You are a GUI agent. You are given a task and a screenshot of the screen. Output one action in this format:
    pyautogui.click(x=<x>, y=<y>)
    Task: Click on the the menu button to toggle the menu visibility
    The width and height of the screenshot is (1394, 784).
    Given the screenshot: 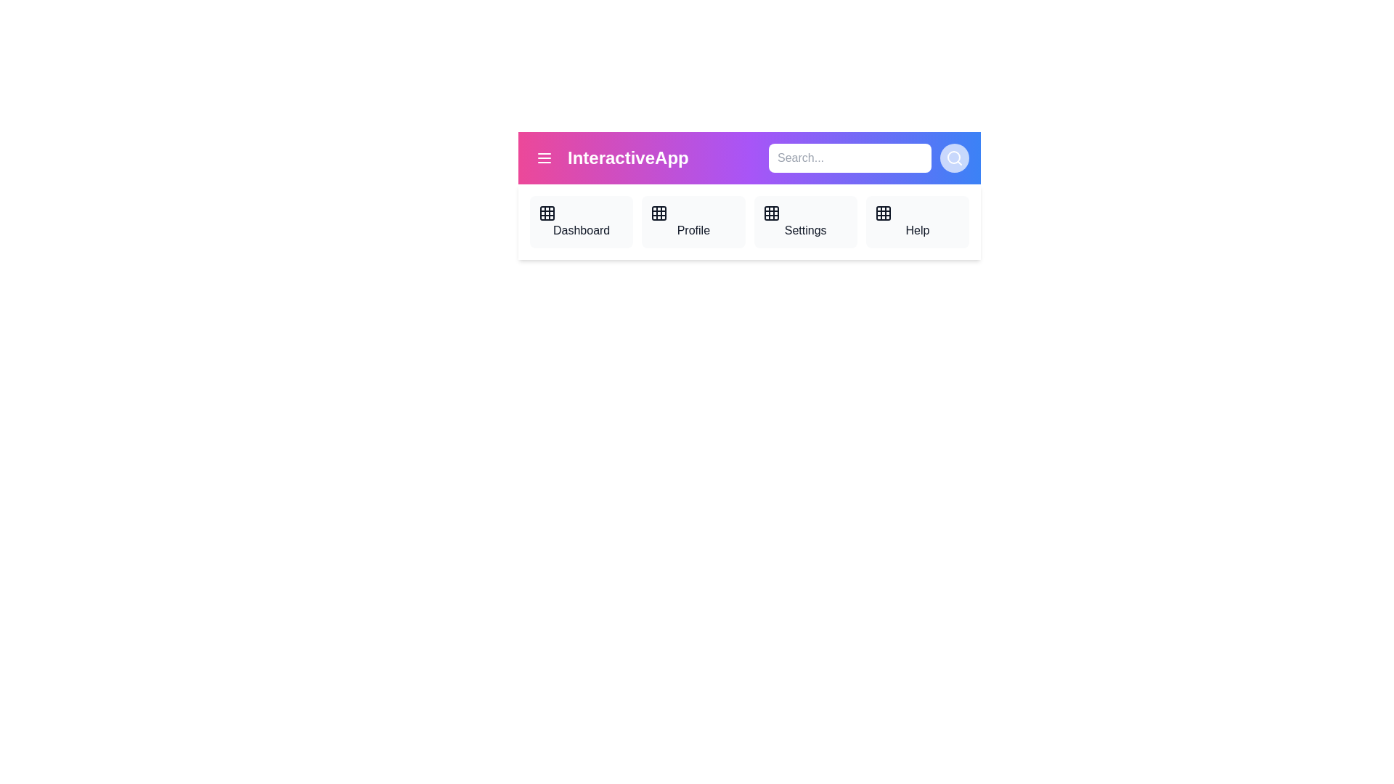 What is the action you would take?
    pyautogui.click(x=543, y=158)
    